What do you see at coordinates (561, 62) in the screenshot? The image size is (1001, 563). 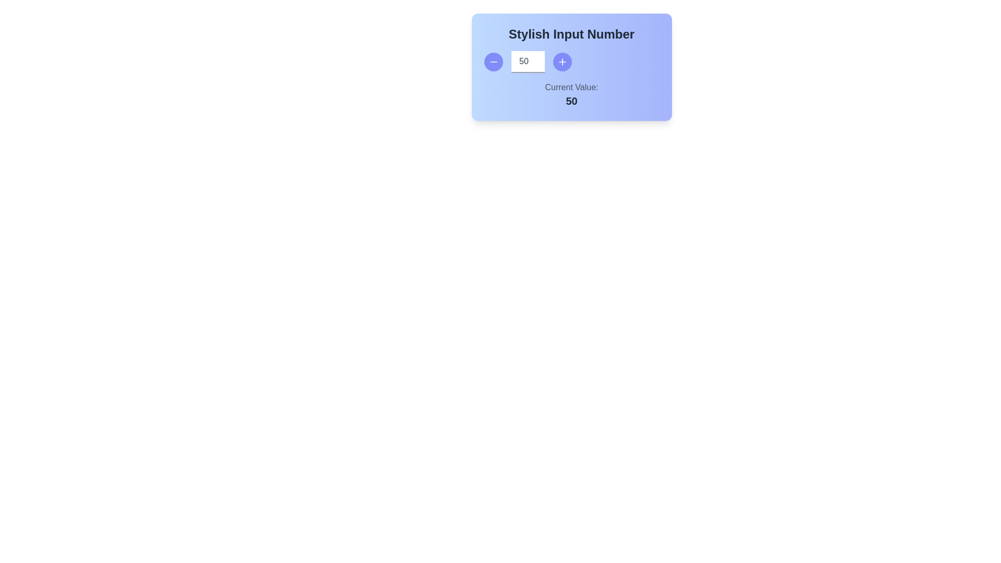 I see `the increment button located to the right of the number input field below the label 'Stylish Input Number' to increase the displayed numeric value` at bounding box center [561, 62].